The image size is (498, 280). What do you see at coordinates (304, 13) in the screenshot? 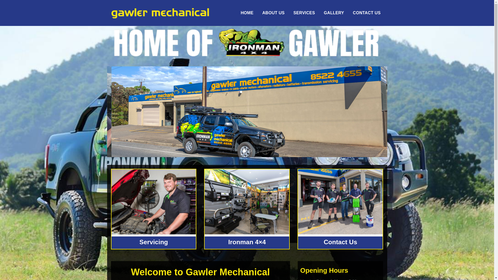
I see `'SERVICES'` at bounding box center [304, 13].